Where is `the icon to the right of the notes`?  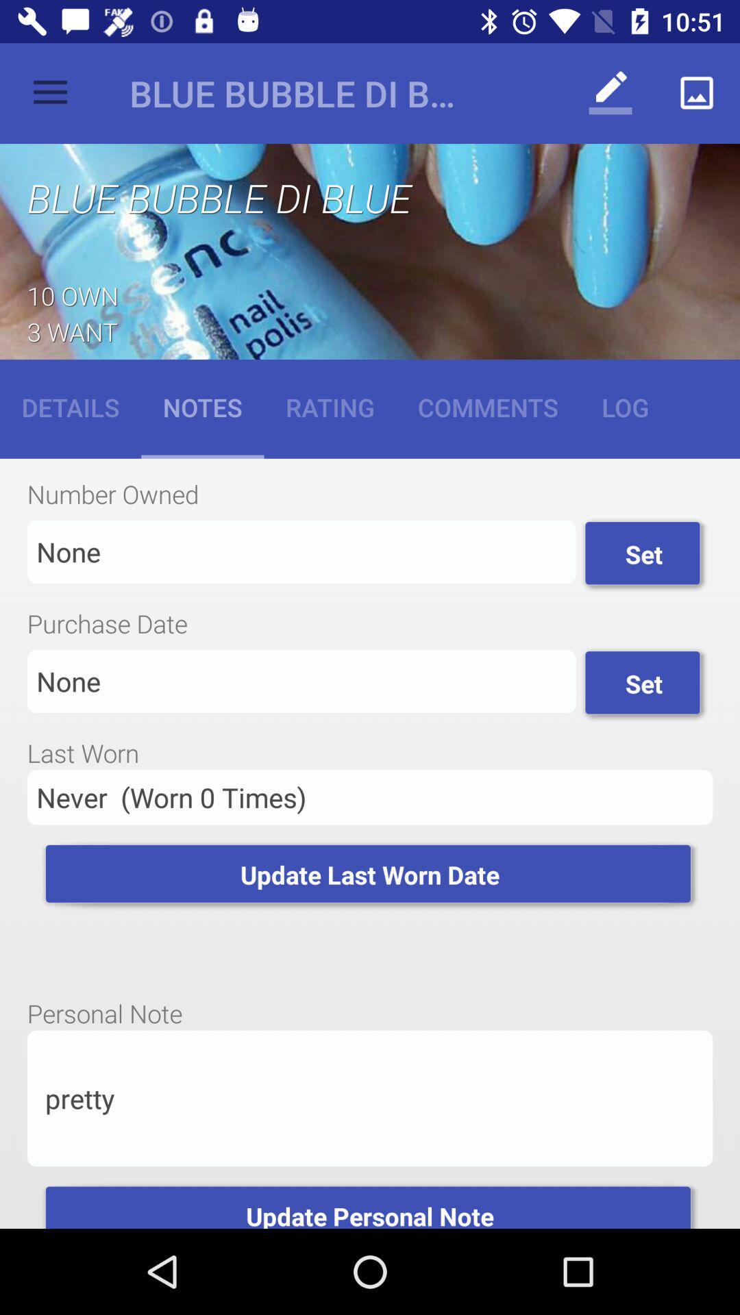 the icon to the right of the notes is located at coordinates (330, 406).